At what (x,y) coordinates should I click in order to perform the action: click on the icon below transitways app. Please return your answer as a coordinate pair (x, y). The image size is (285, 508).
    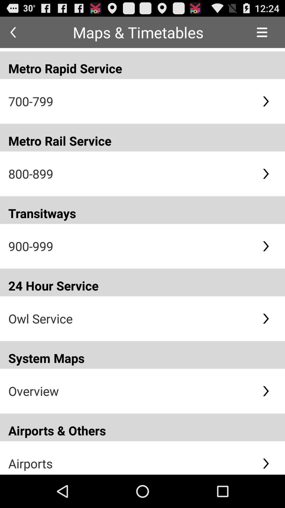
    Looking at the image, I should click on (131, 246).